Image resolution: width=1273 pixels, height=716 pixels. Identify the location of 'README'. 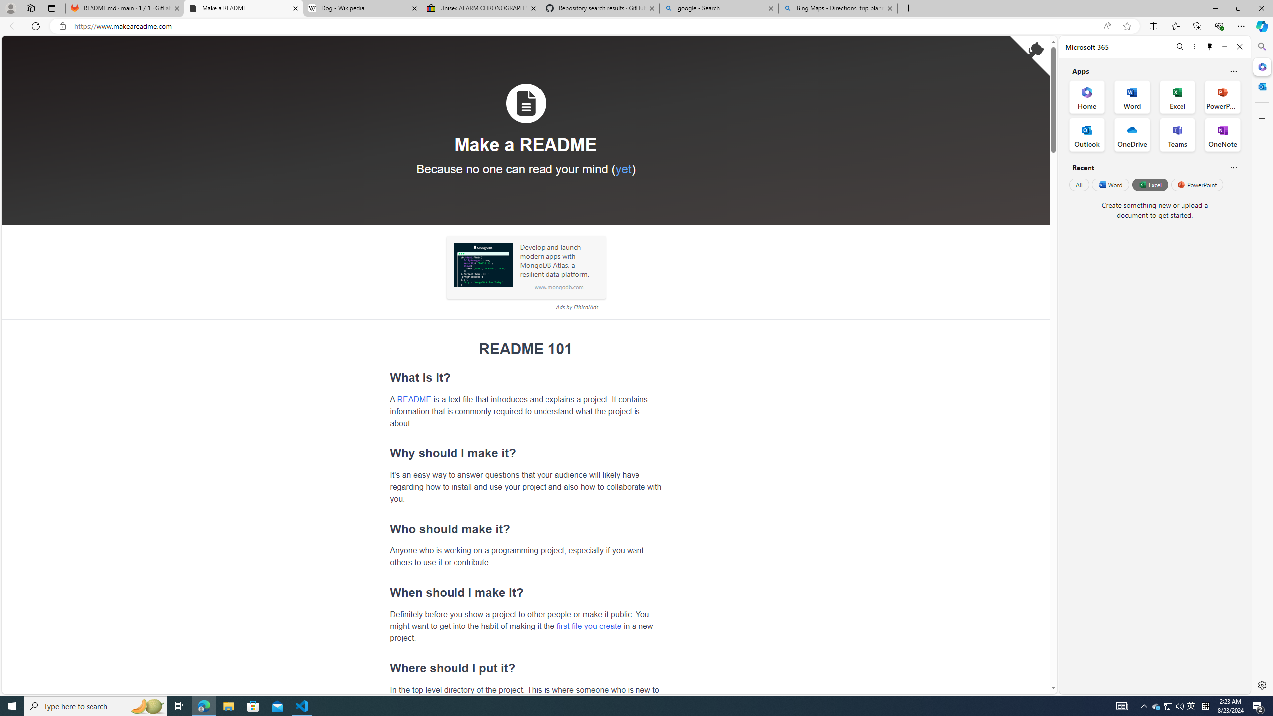
(414, 398).